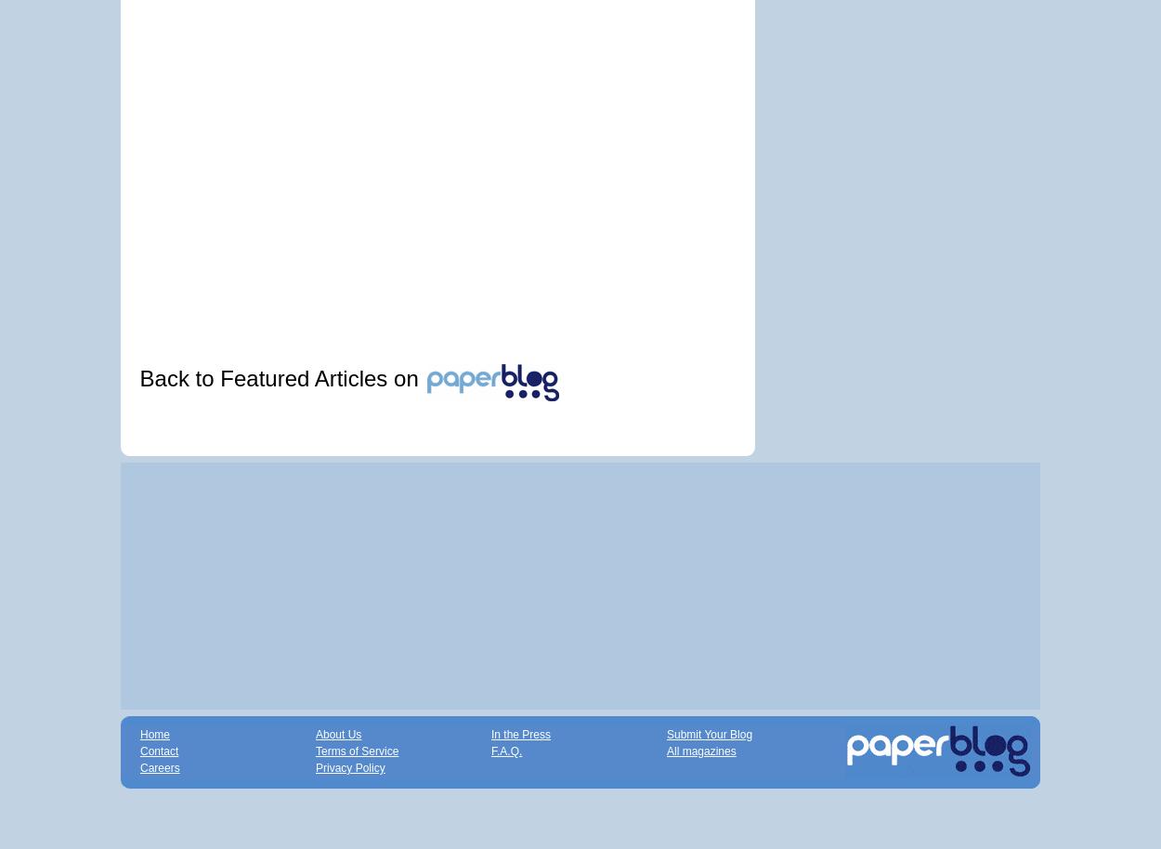 The height and width of the screenshot is (849, 1161). I want to click on 'Submit Your Blog', so click(710, 733).